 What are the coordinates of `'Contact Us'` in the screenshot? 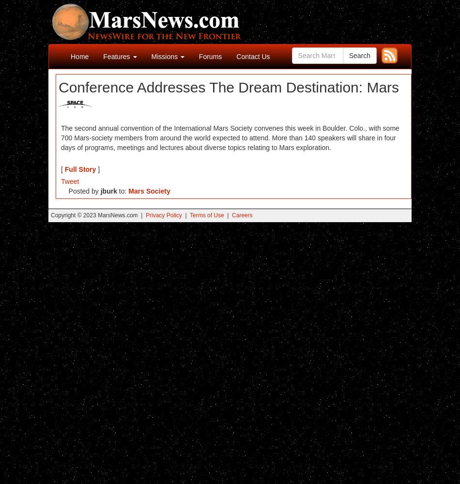 It's located at (253, 56).